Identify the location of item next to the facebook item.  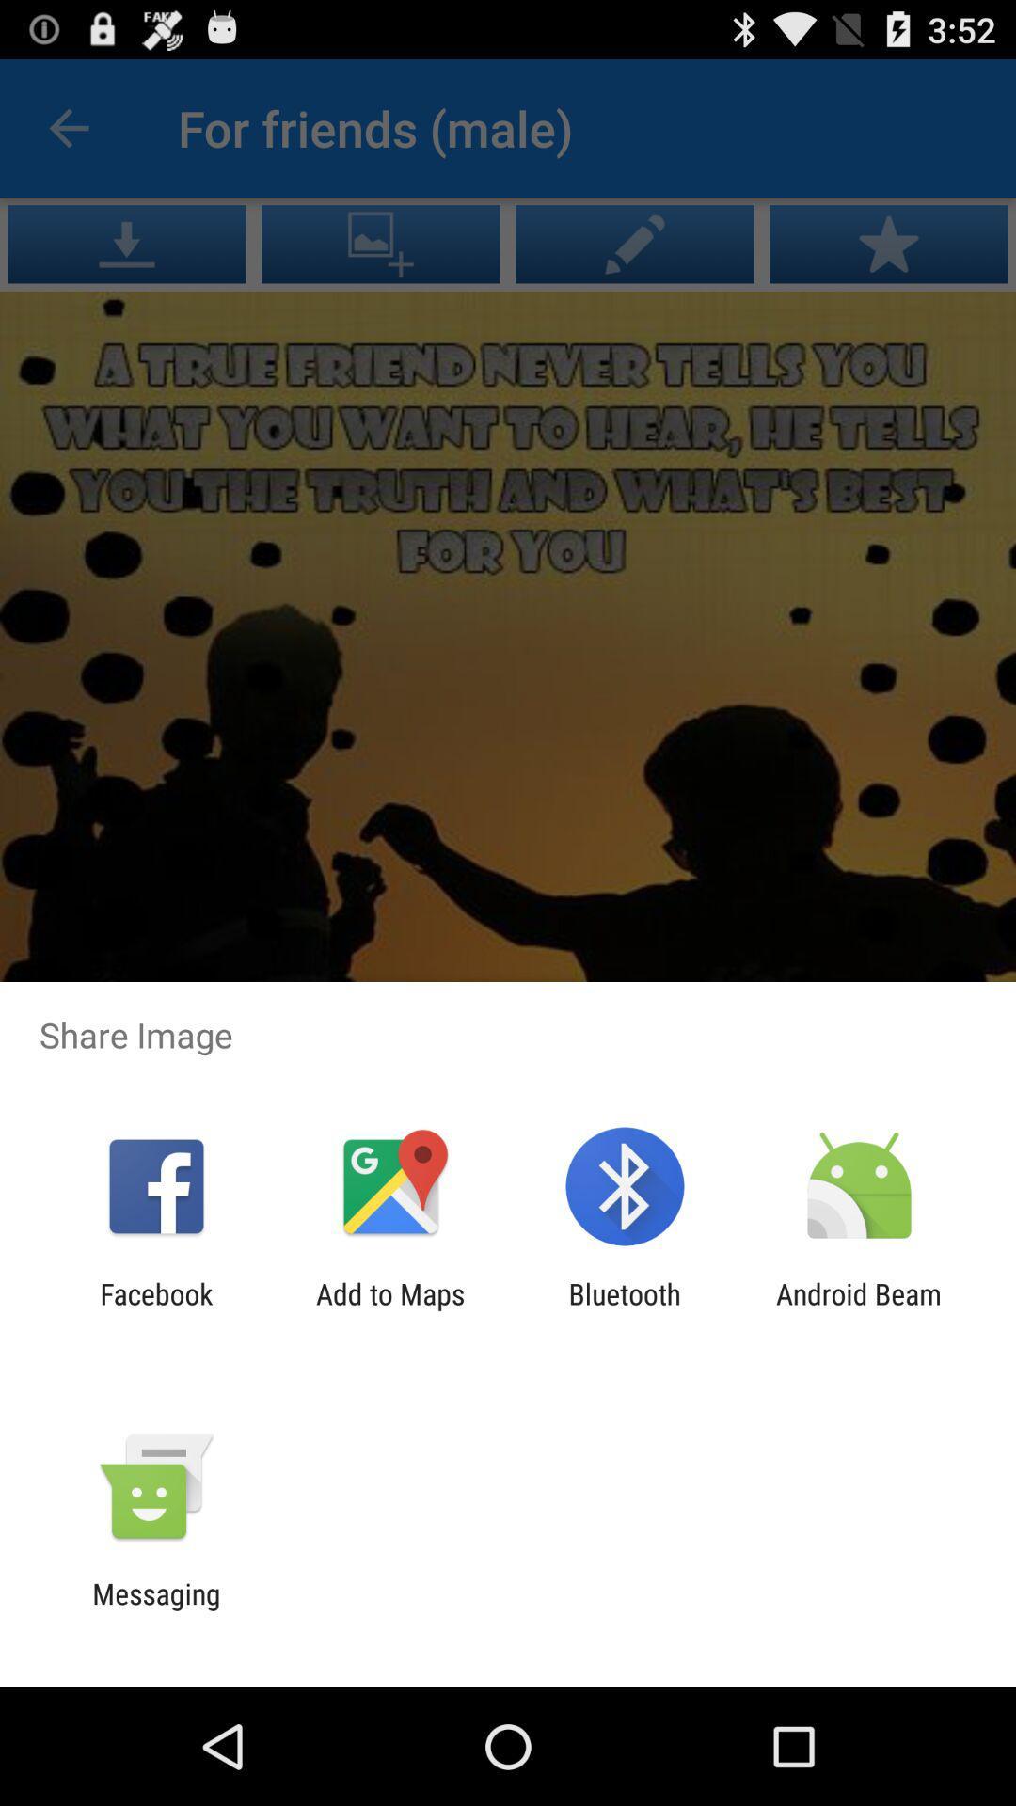
(389, 1309).